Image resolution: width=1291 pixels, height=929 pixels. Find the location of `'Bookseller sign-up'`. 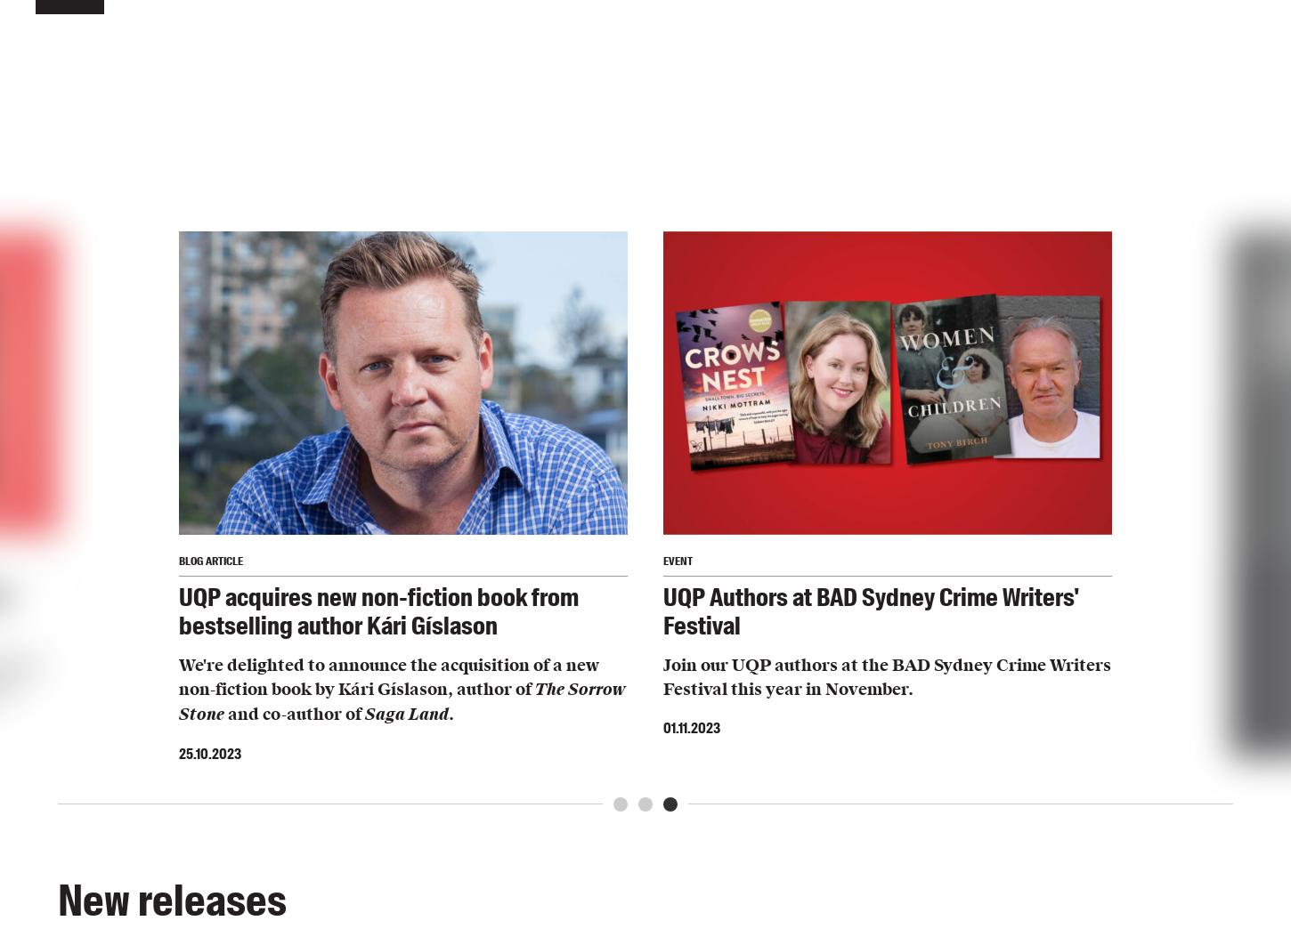

'Bookseller sign-up' is located at coordinates (518, 270).